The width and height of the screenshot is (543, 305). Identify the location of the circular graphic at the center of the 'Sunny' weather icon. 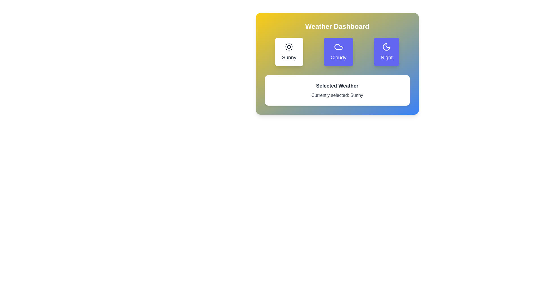
(289, 46).